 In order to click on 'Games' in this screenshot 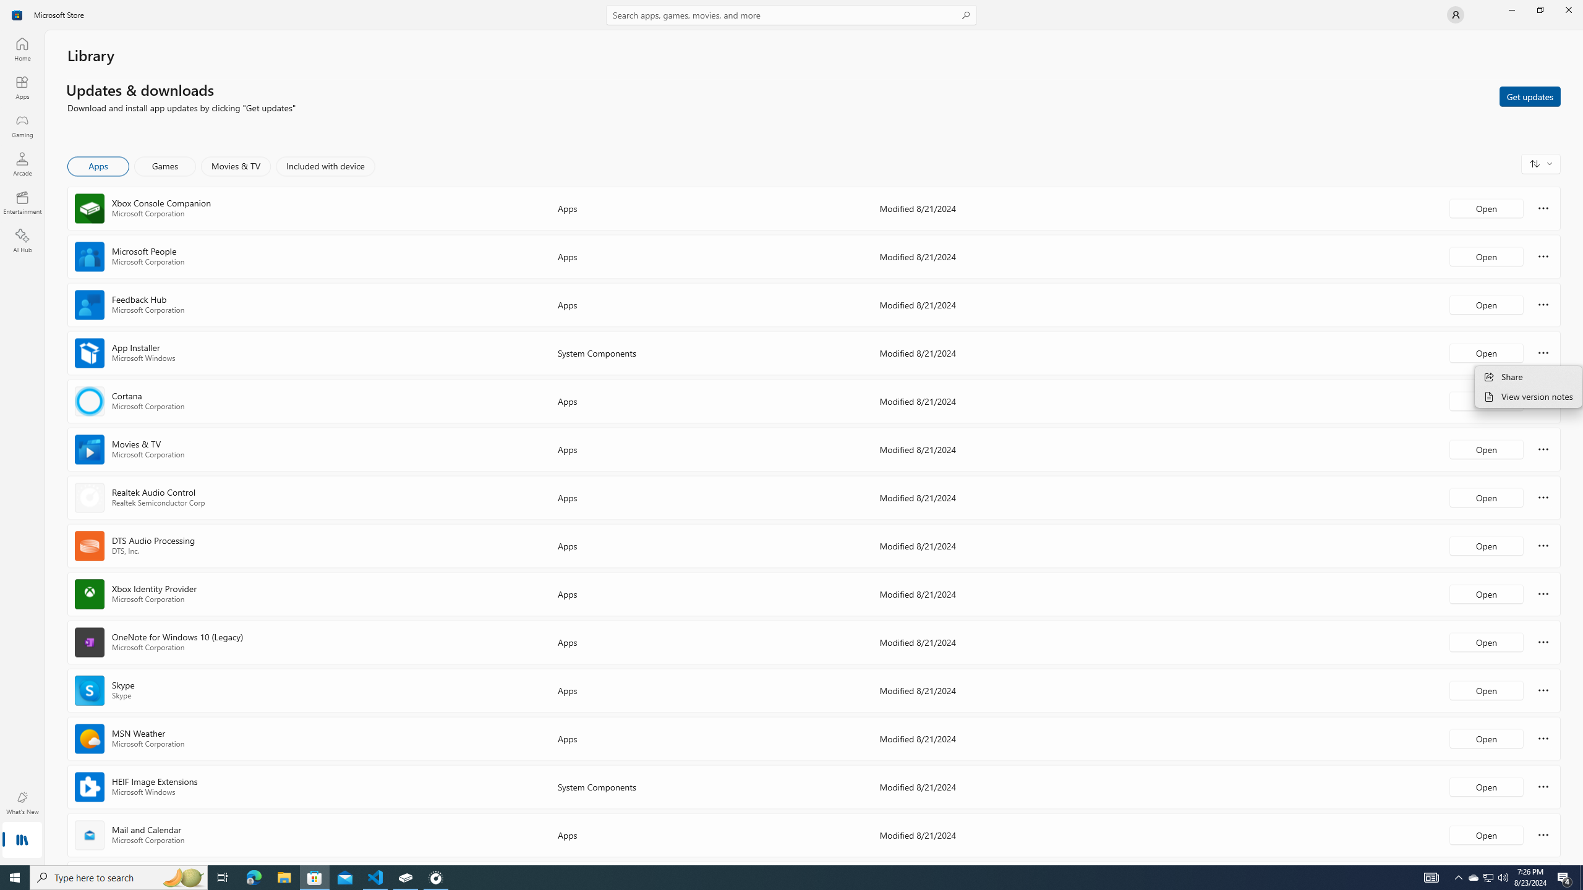, I will do `click(164, 166)`.